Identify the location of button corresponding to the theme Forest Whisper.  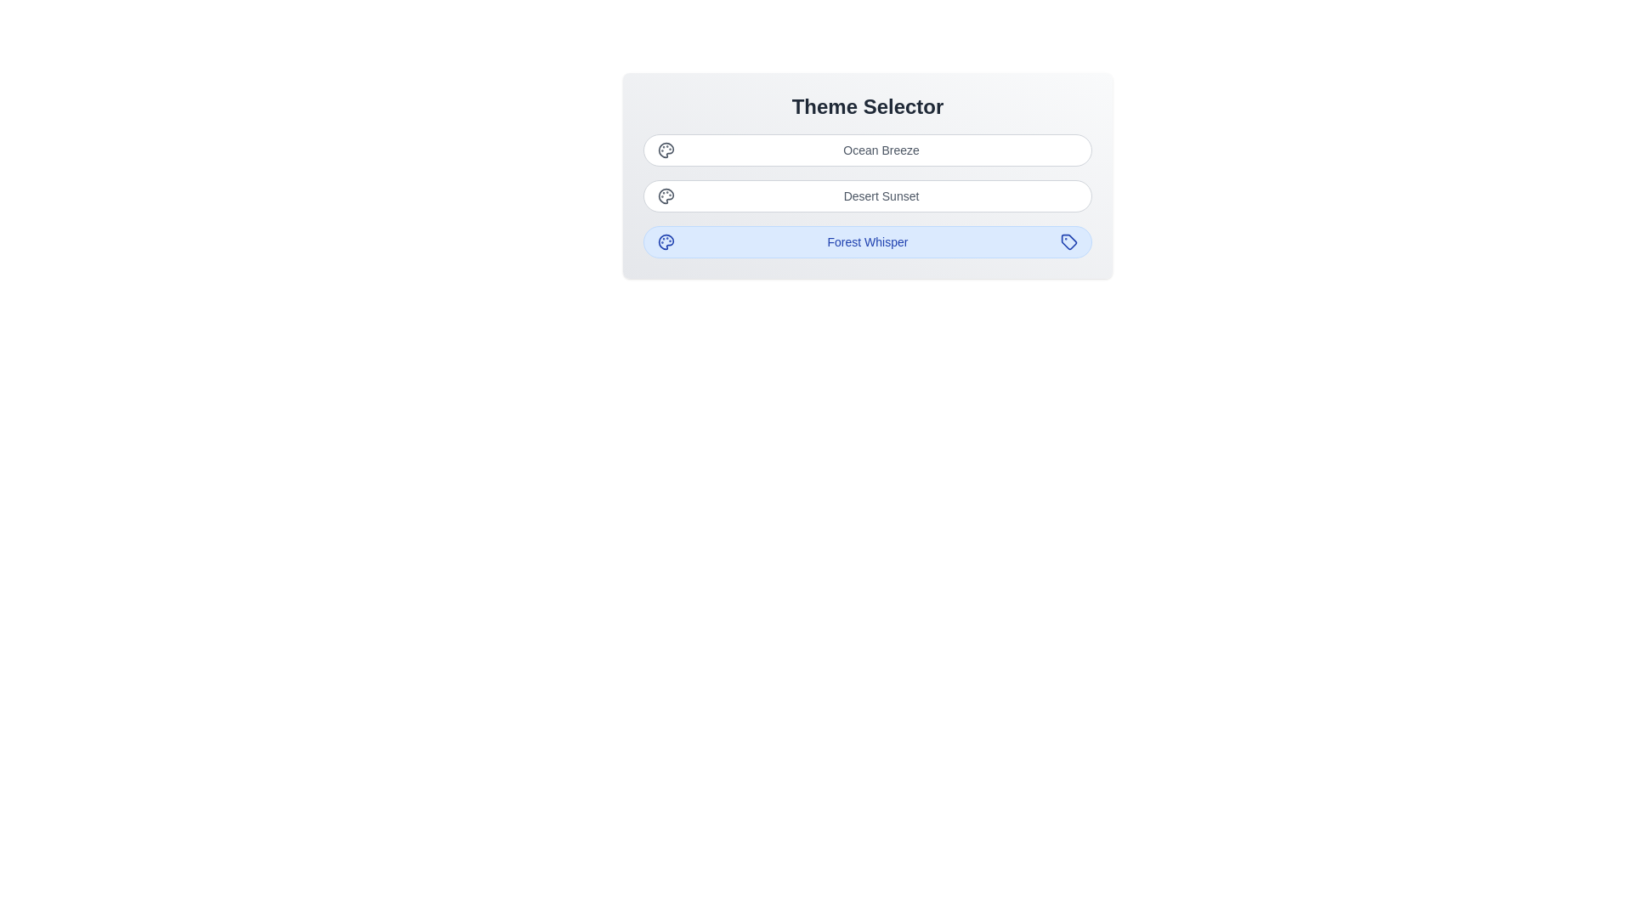
(868, 242).